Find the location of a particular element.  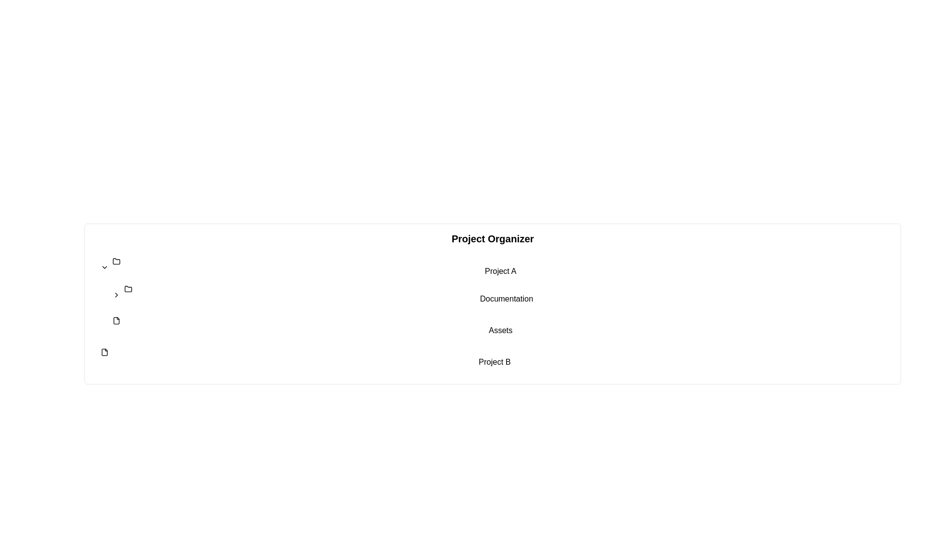

the document file icon located at the leftmost side of the row labeled 'Project B' in the Project Organizer is located at coordinates (104, 351).